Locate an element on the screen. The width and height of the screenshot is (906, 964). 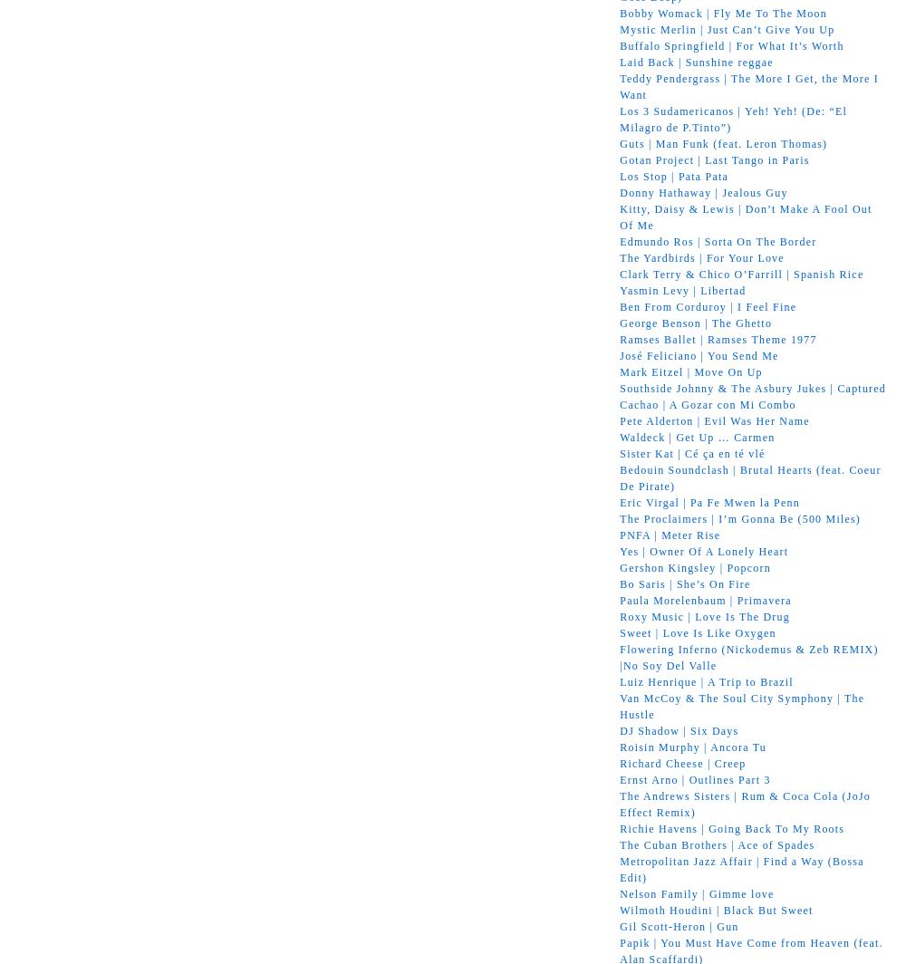
'Richard Cheese | Creep' is located at coordinates (682, 763).